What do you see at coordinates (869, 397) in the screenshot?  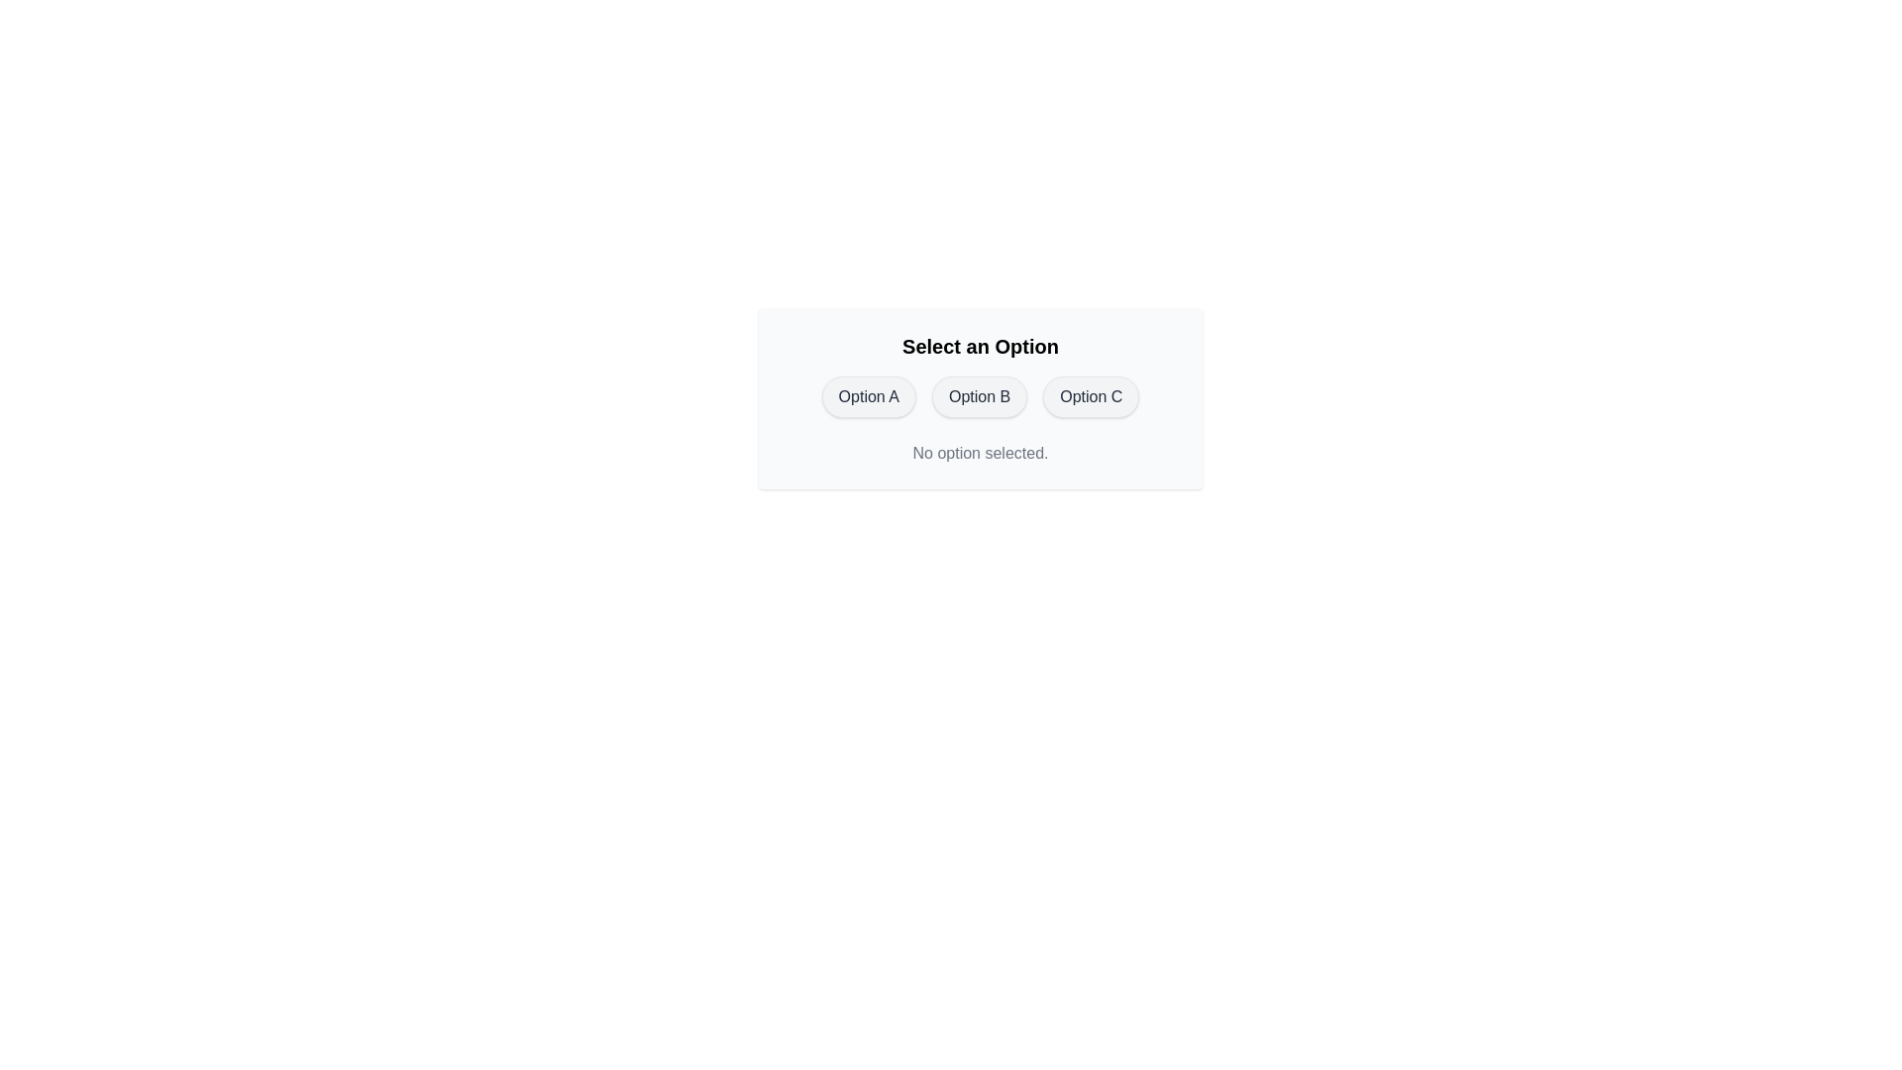 I see `the button corresponding to Option A to select it` at bounding box center [869, 397].